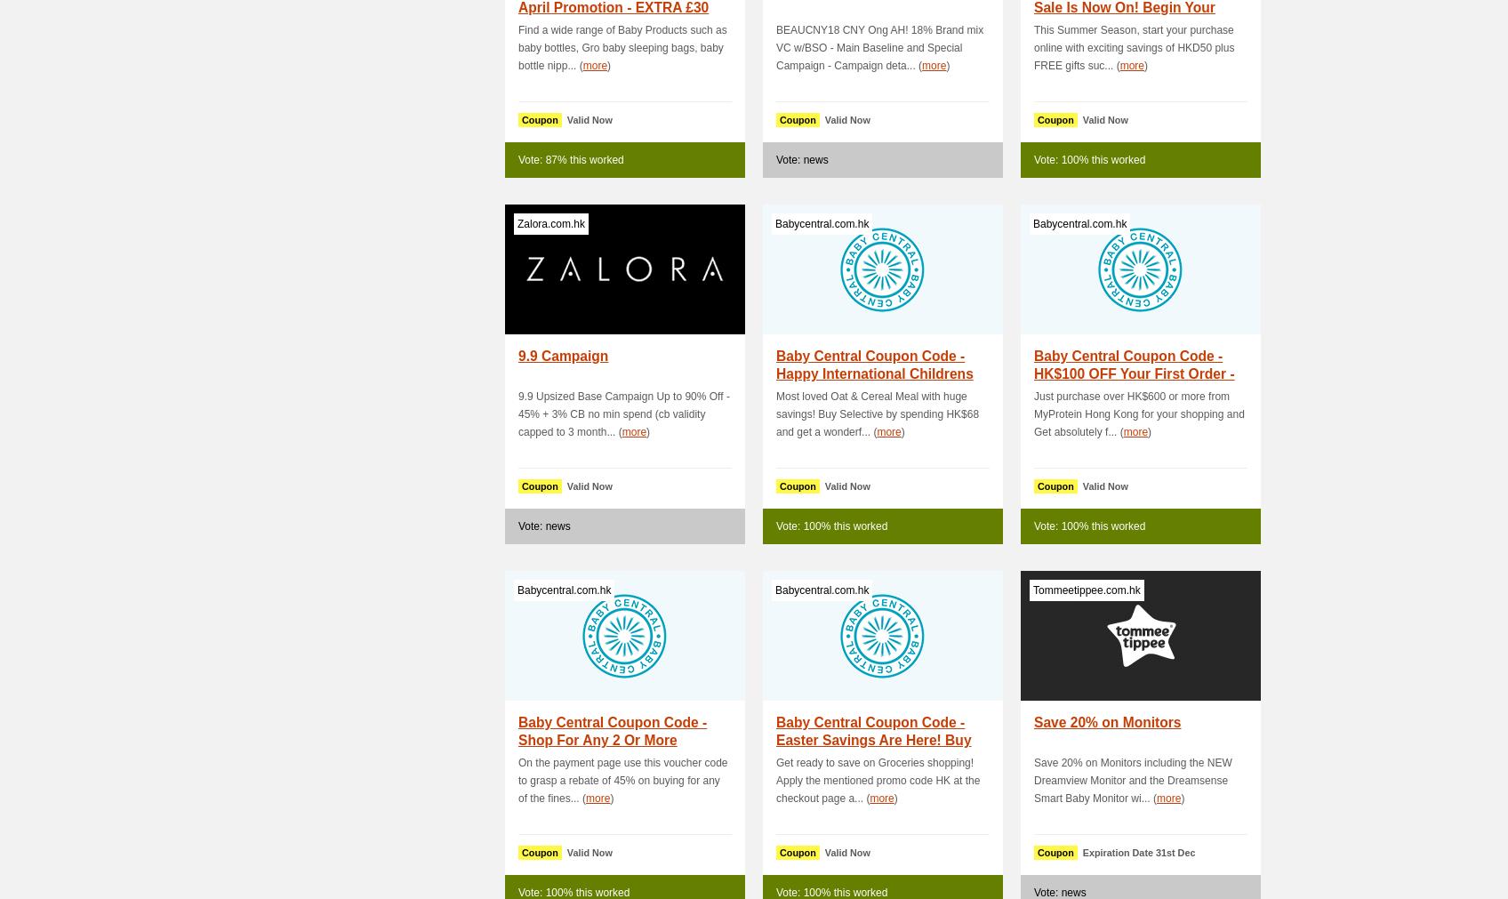 The width and height of the screenshot is (1508, 899). I want to click on 'Baby Central Coupon Code - Easter Savings Are Here! Buy Over HK$160.', so click(872, 739).